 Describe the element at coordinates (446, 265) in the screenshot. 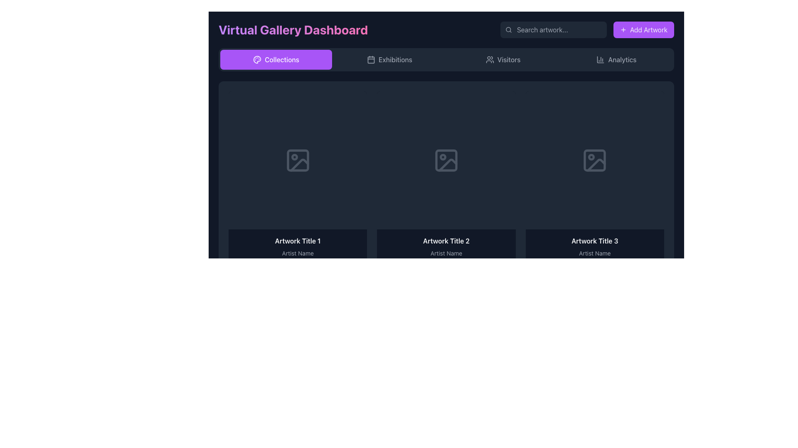

I see `the engagement statistics display component, which includes numerical values and icons, located below 'Artwork Title 2' and 'Artist Name' in the dashboard` at that location.